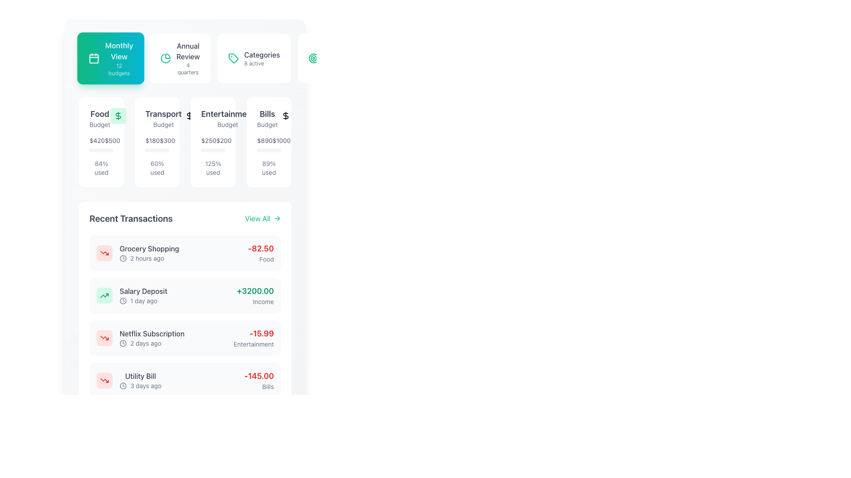  What do you see at coordinates (285, 116) in the screenshot?
I see `the dollar sign SVG icon located within the highlighted 'Bills' box in the 'Monthly View' section, positioned near the top-right corner of the viewport` at bounding box center [285, 116].